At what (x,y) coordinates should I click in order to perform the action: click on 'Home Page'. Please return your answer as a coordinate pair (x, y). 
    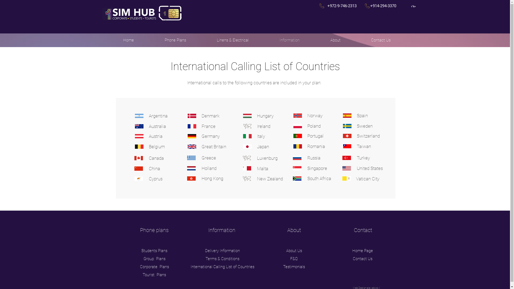
    Looking at the image, I should click on (362, 251).